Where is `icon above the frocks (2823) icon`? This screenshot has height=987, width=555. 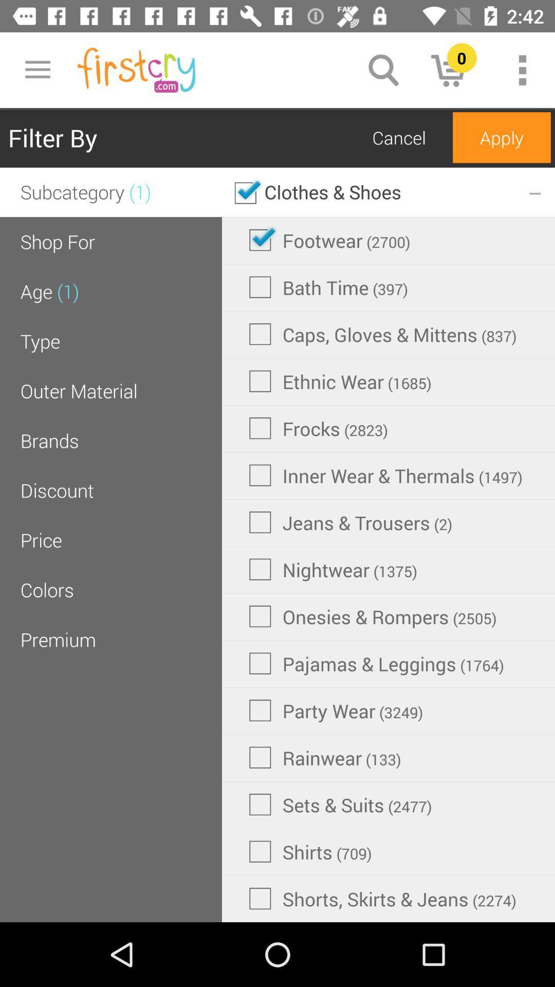 icon above the frocks (2823) icon is located at coordinates (340, 380).